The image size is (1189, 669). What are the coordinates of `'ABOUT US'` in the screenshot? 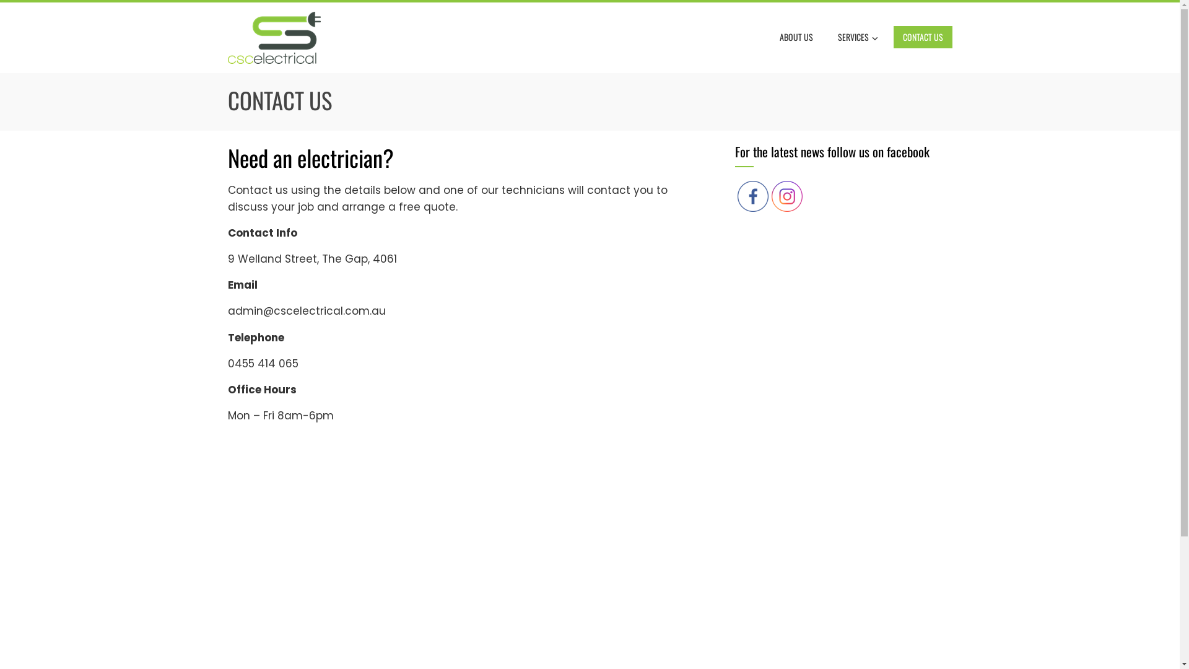 It's located at (796, 37).